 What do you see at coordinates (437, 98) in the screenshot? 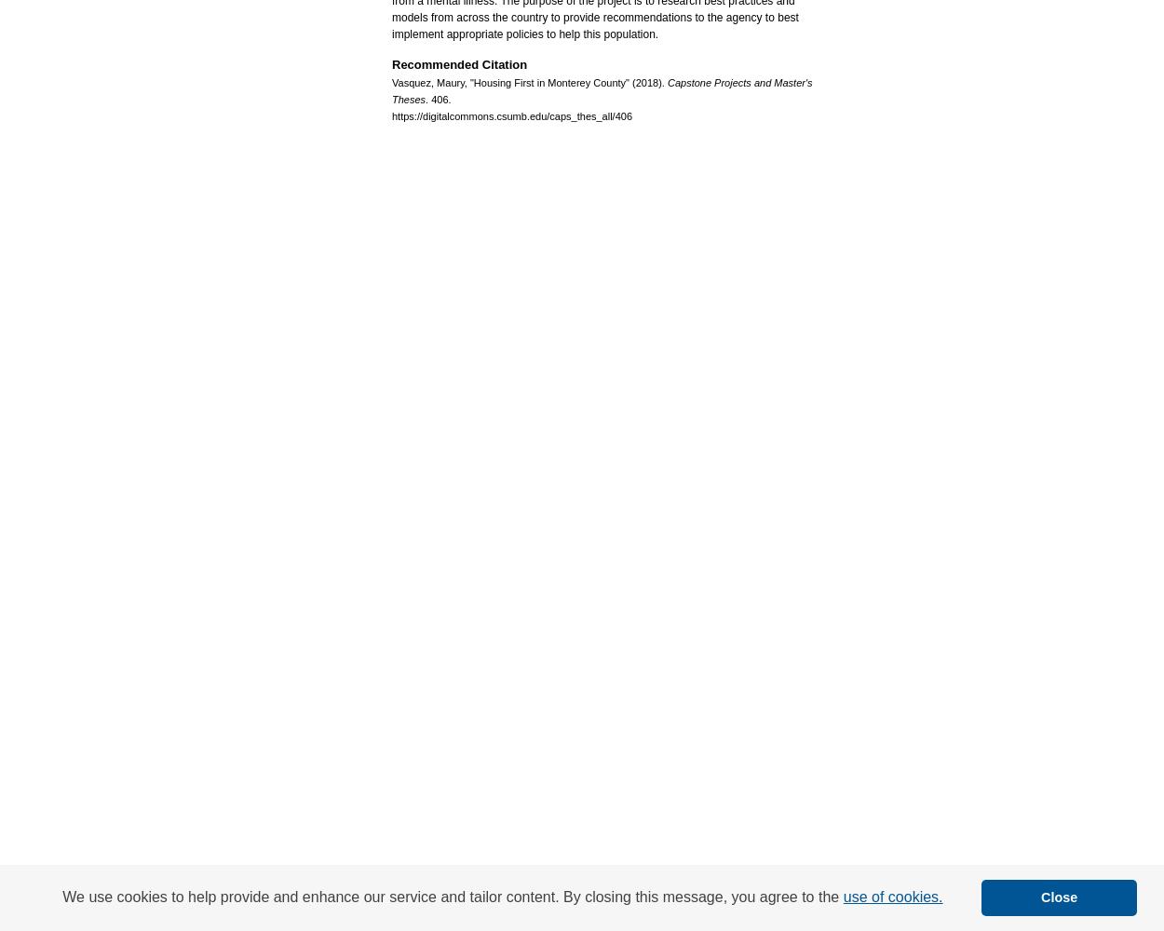
I see `'.  406.'` at bounding box center [437, 98].